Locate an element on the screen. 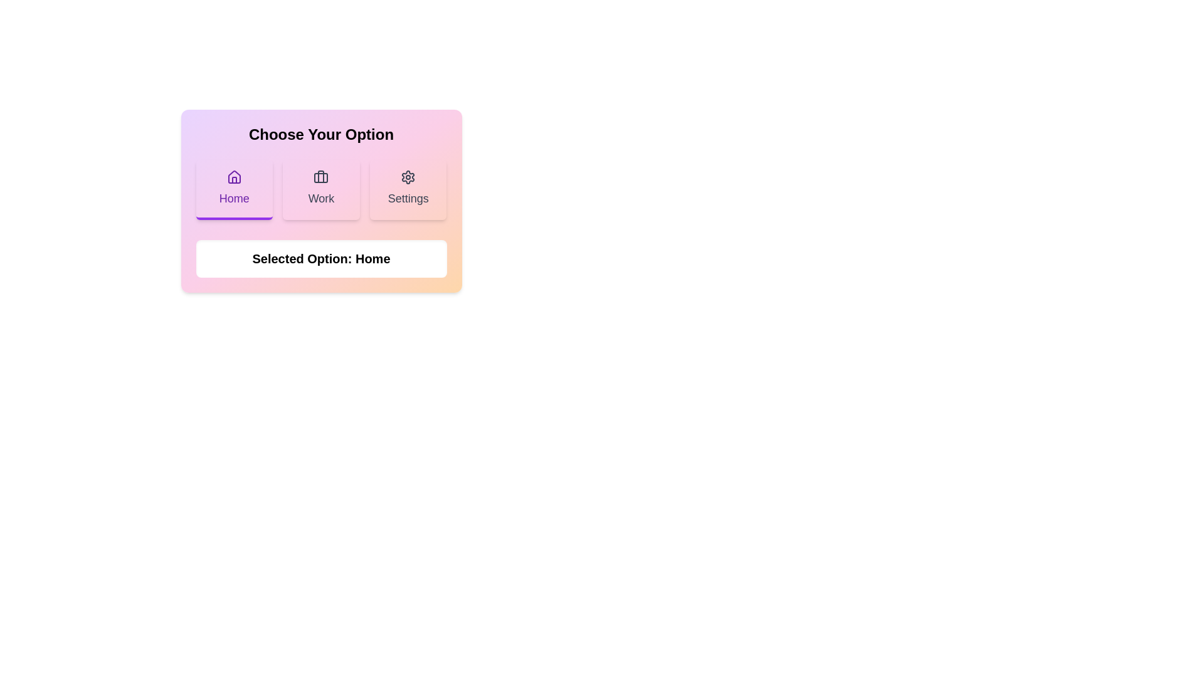 The width and height of the screenshot is (1204, 677). the decorative SVG rectangle that is part of the 'Work' option icon in the main selection area is located at coordinates (321, 178).